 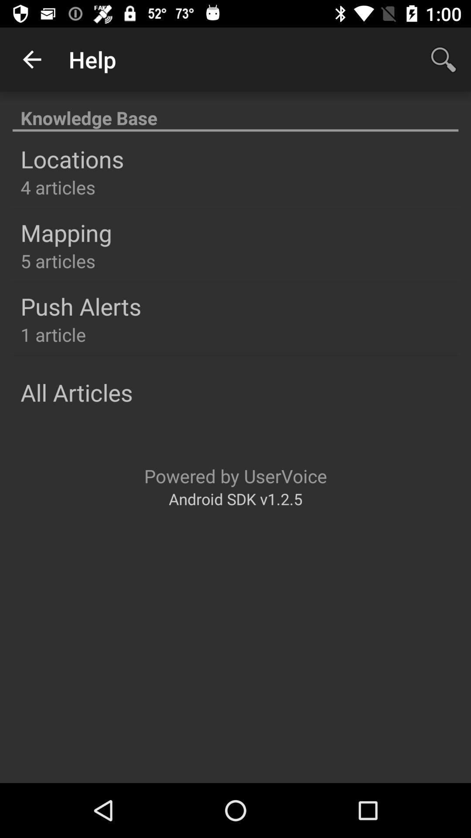 What do you see at coordinates (235, 475) in the screenshot?
I see `icon below the all articles icon` at bounding box center [235, 475].